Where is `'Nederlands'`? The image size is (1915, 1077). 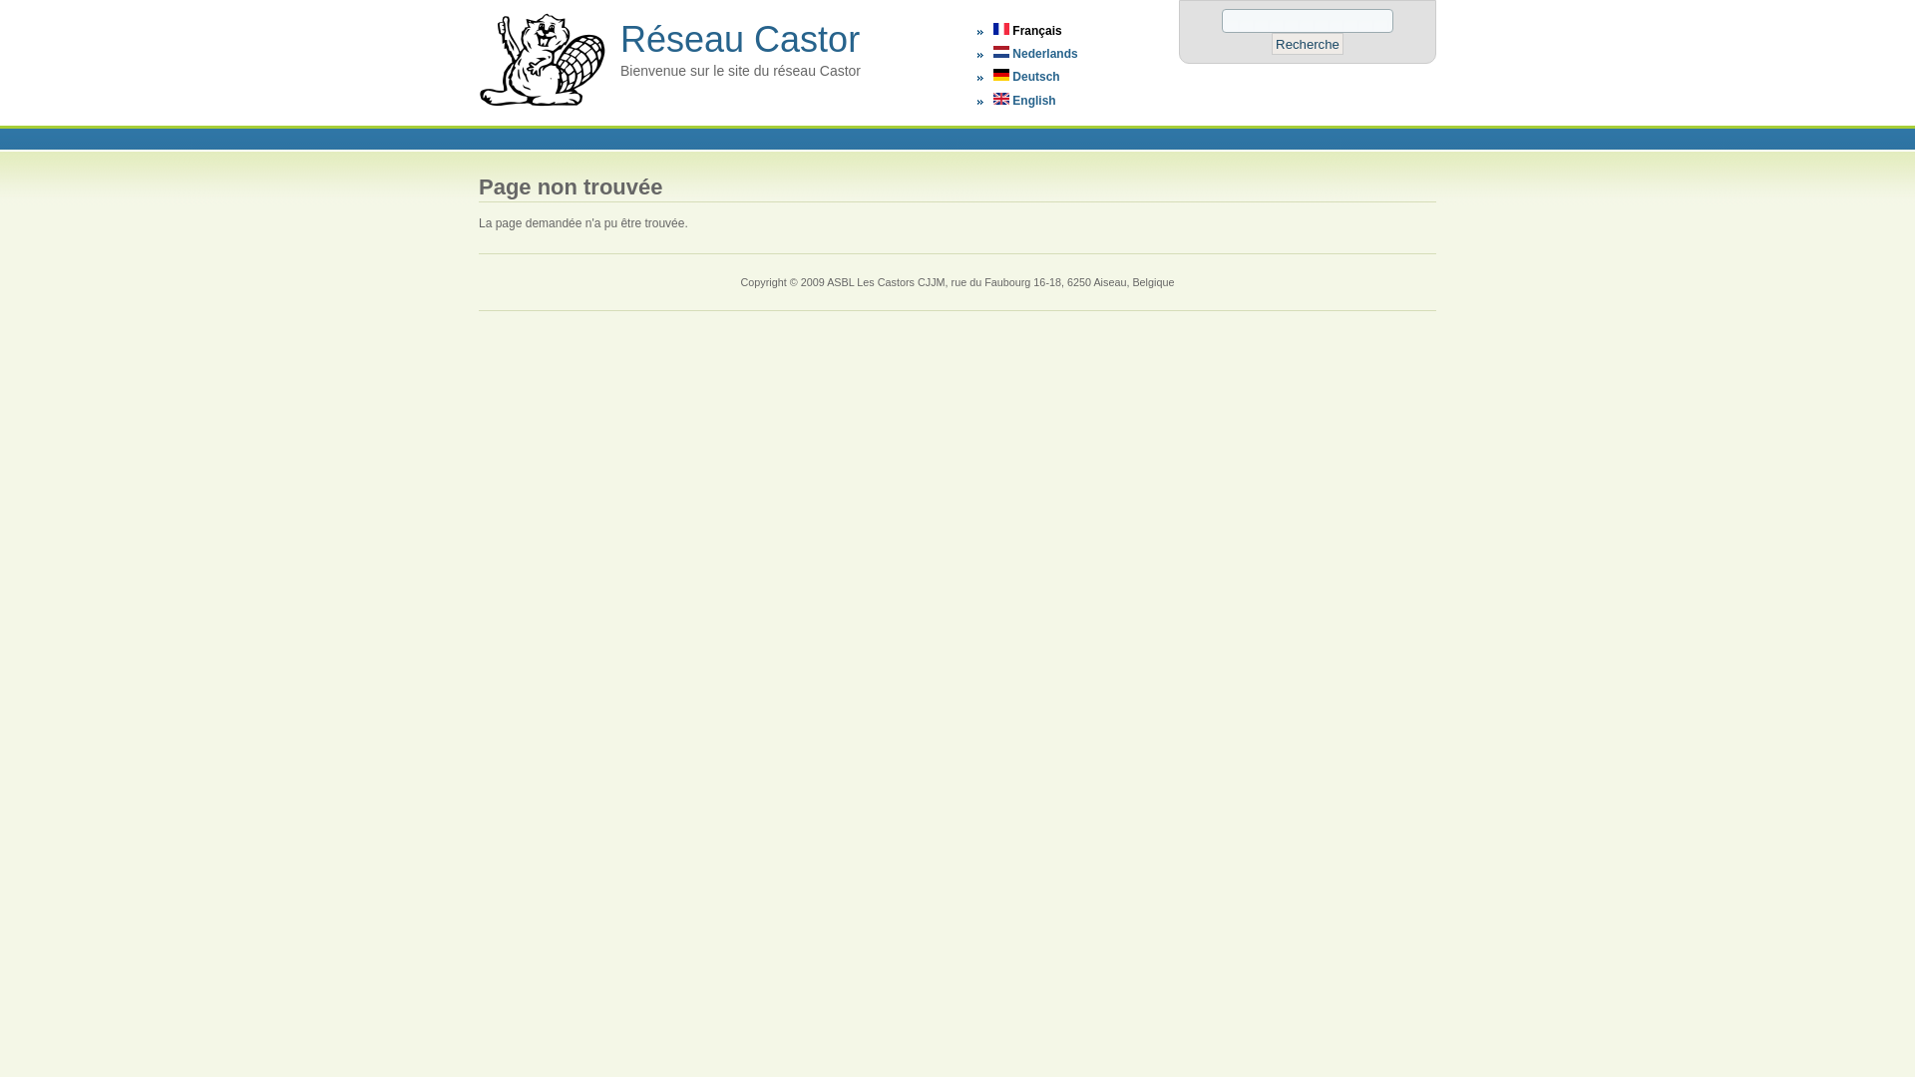
'Nederlands' is located at coordinates (993, 50).